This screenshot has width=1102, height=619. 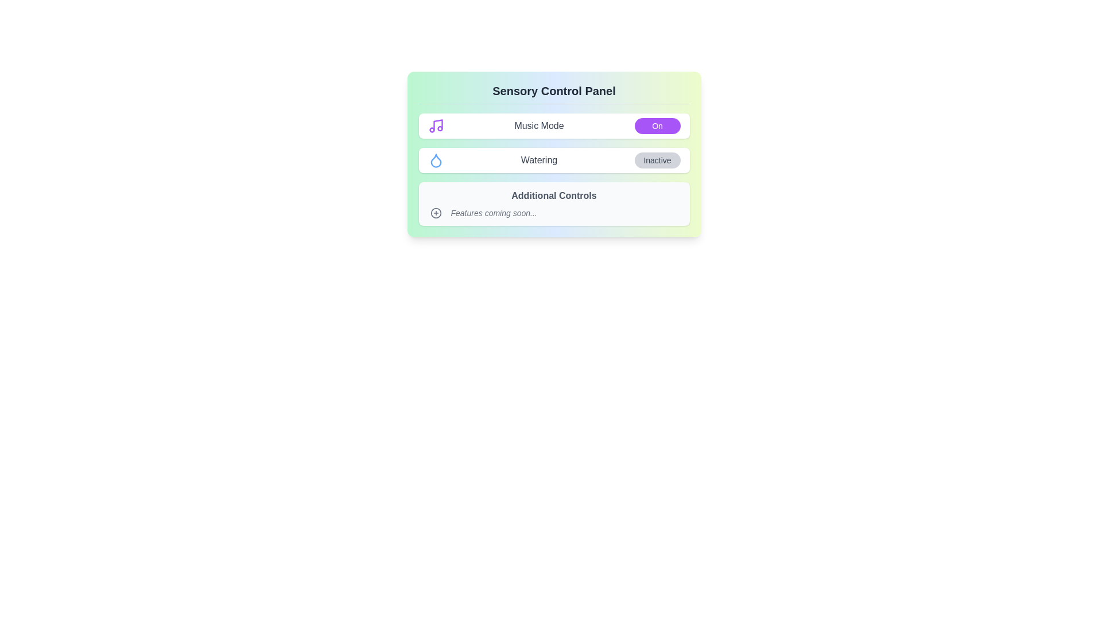 I want to click on the circular icon in the 'Additional Controls' section, which is associated with the label 'Features coming soon...', so click(x=435, y=213).